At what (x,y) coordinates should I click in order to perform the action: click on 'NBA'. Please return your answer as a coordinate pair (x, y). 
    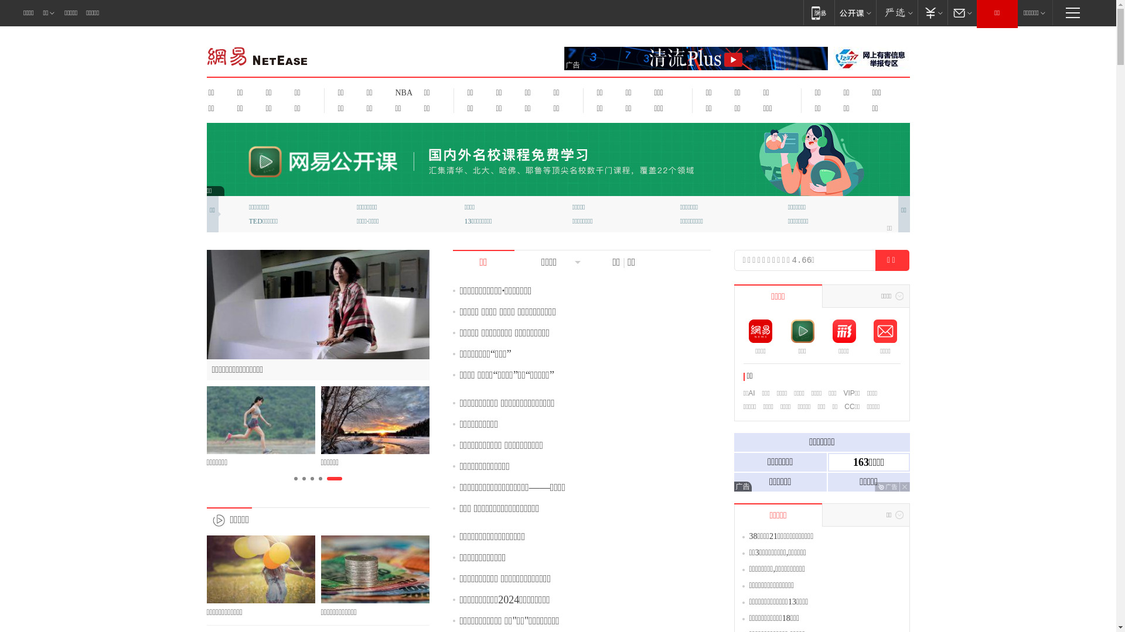
    Looking at the image, I should click on (388, 92).